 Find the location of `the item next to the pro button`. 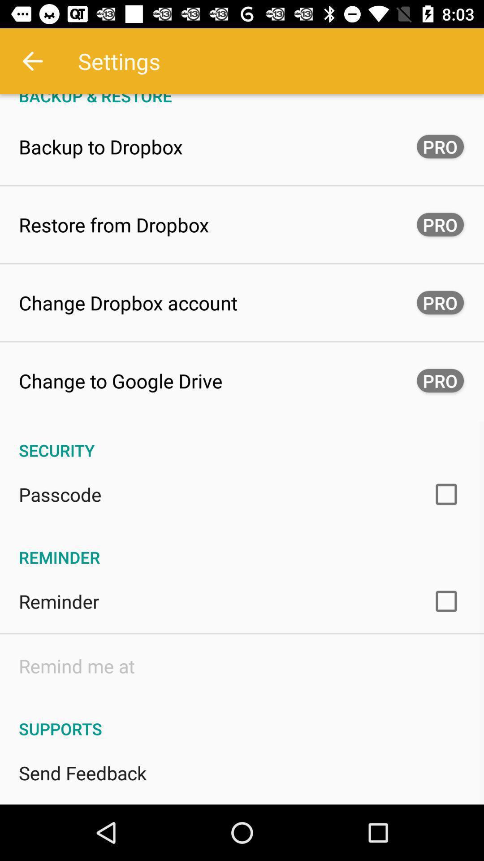

the item next to the pro button is located at coordinates (128, 303).